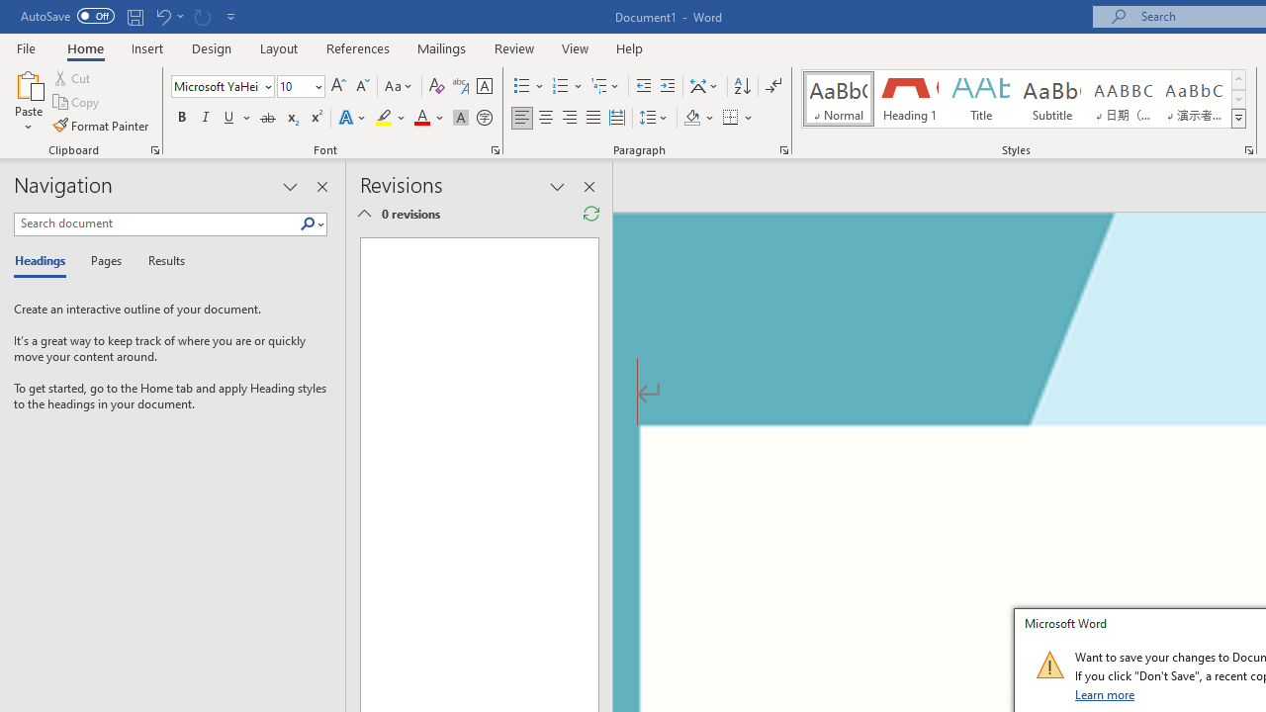 The width and height of the screenshot is (1266, 712). Describe the element at coordinates (1050, 99) in the screenshot. I see `'Subtitle'` at that location.